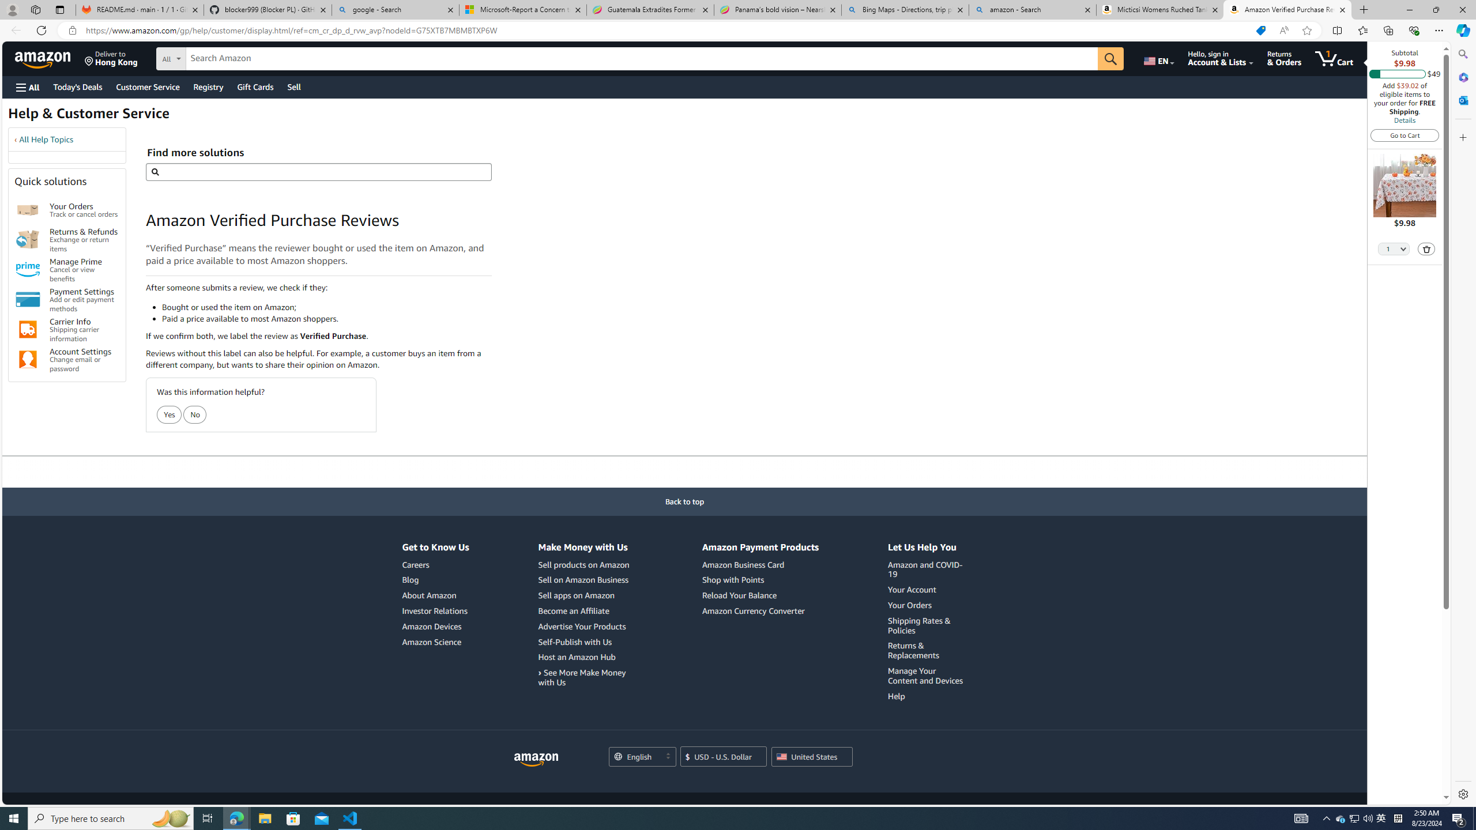 The image size is (1476, 830). Describe the element at coordinates (434, 610) in the screenshot. I see `'Investor Relations'` at that location.